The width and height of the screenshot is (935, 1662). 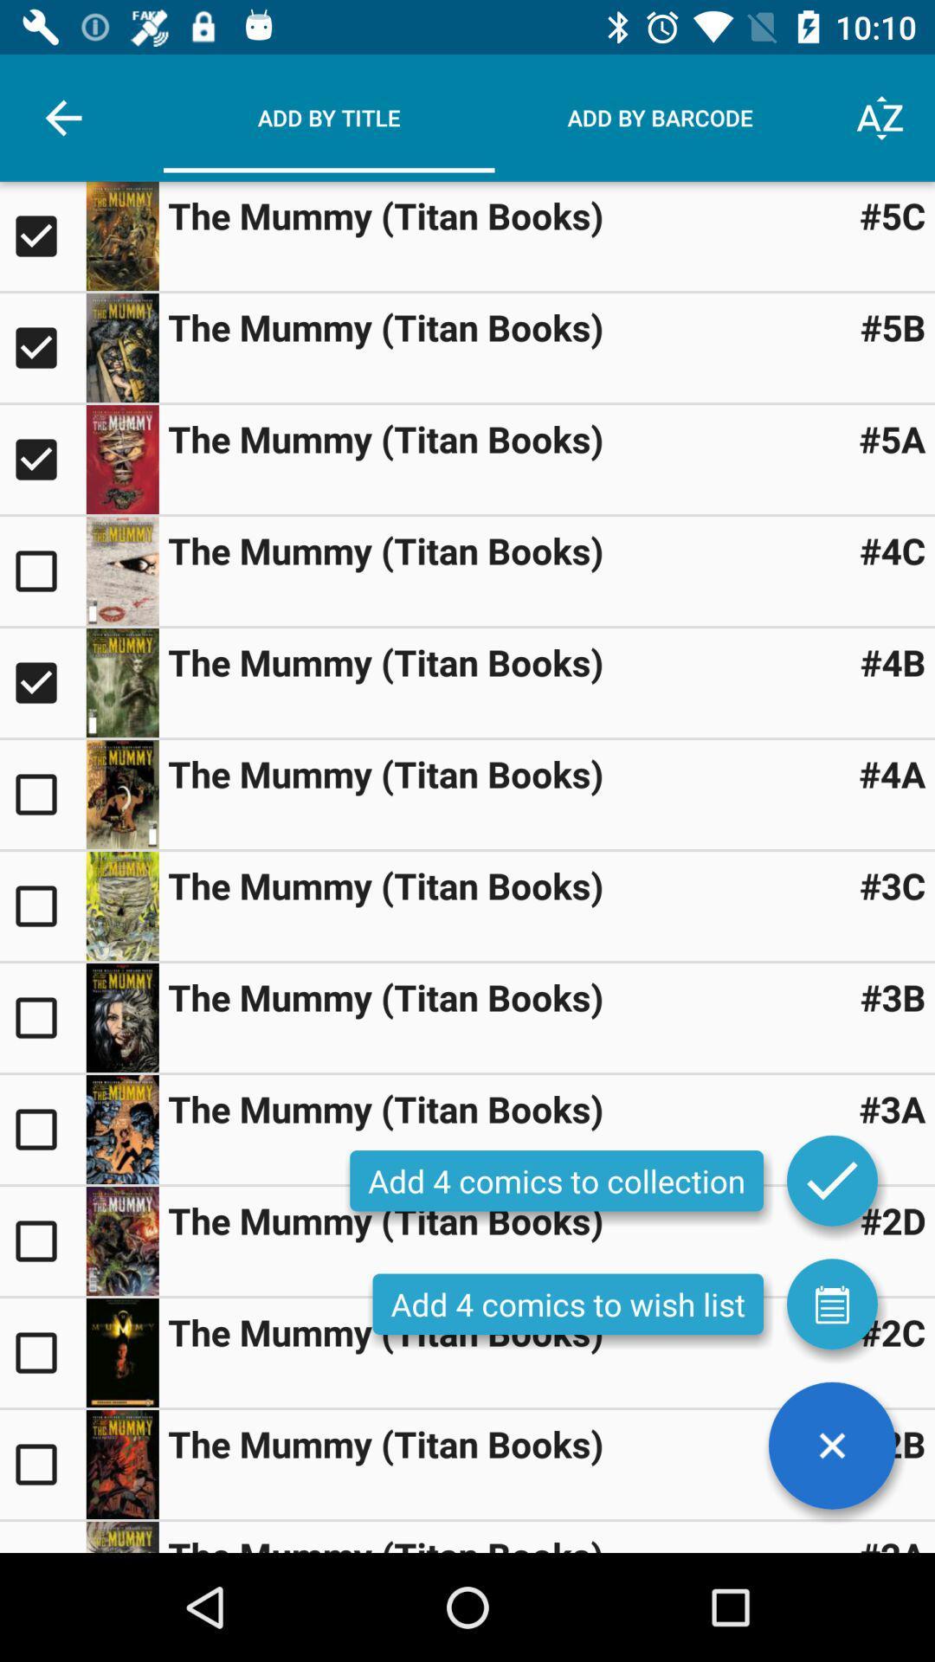 I want to click on book image, so click(x=121, y=235).